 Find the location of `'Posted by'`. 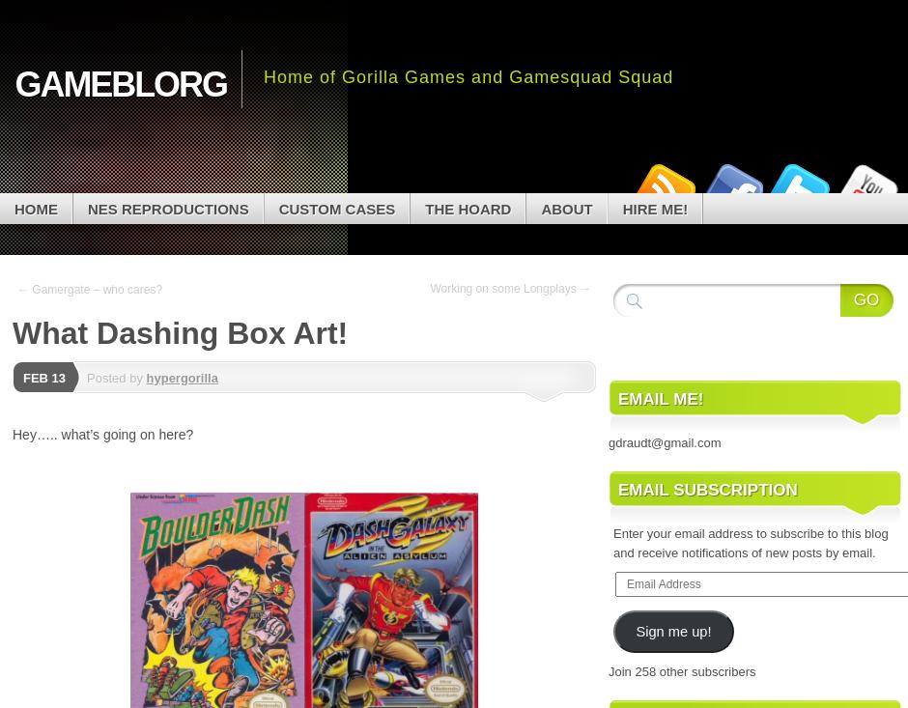

'Posted by' is located at coordinates (115, 377).